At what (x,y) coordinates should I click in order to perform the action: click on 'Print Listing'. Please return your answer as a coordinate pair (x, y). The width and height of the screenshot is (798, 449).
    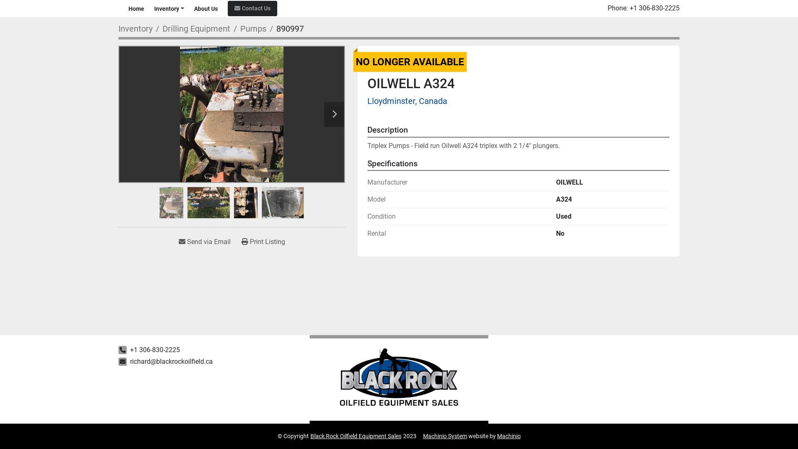
    Looking at the image, I should click on (263, 242).